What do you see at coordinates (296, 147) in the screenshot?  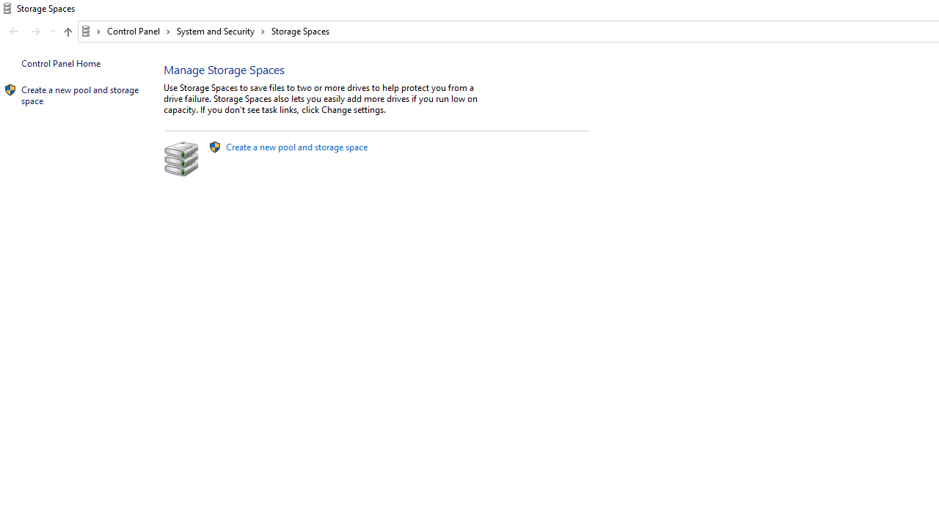 I see `'Create a new pool and storage space'` at bounding box center [296, 147].